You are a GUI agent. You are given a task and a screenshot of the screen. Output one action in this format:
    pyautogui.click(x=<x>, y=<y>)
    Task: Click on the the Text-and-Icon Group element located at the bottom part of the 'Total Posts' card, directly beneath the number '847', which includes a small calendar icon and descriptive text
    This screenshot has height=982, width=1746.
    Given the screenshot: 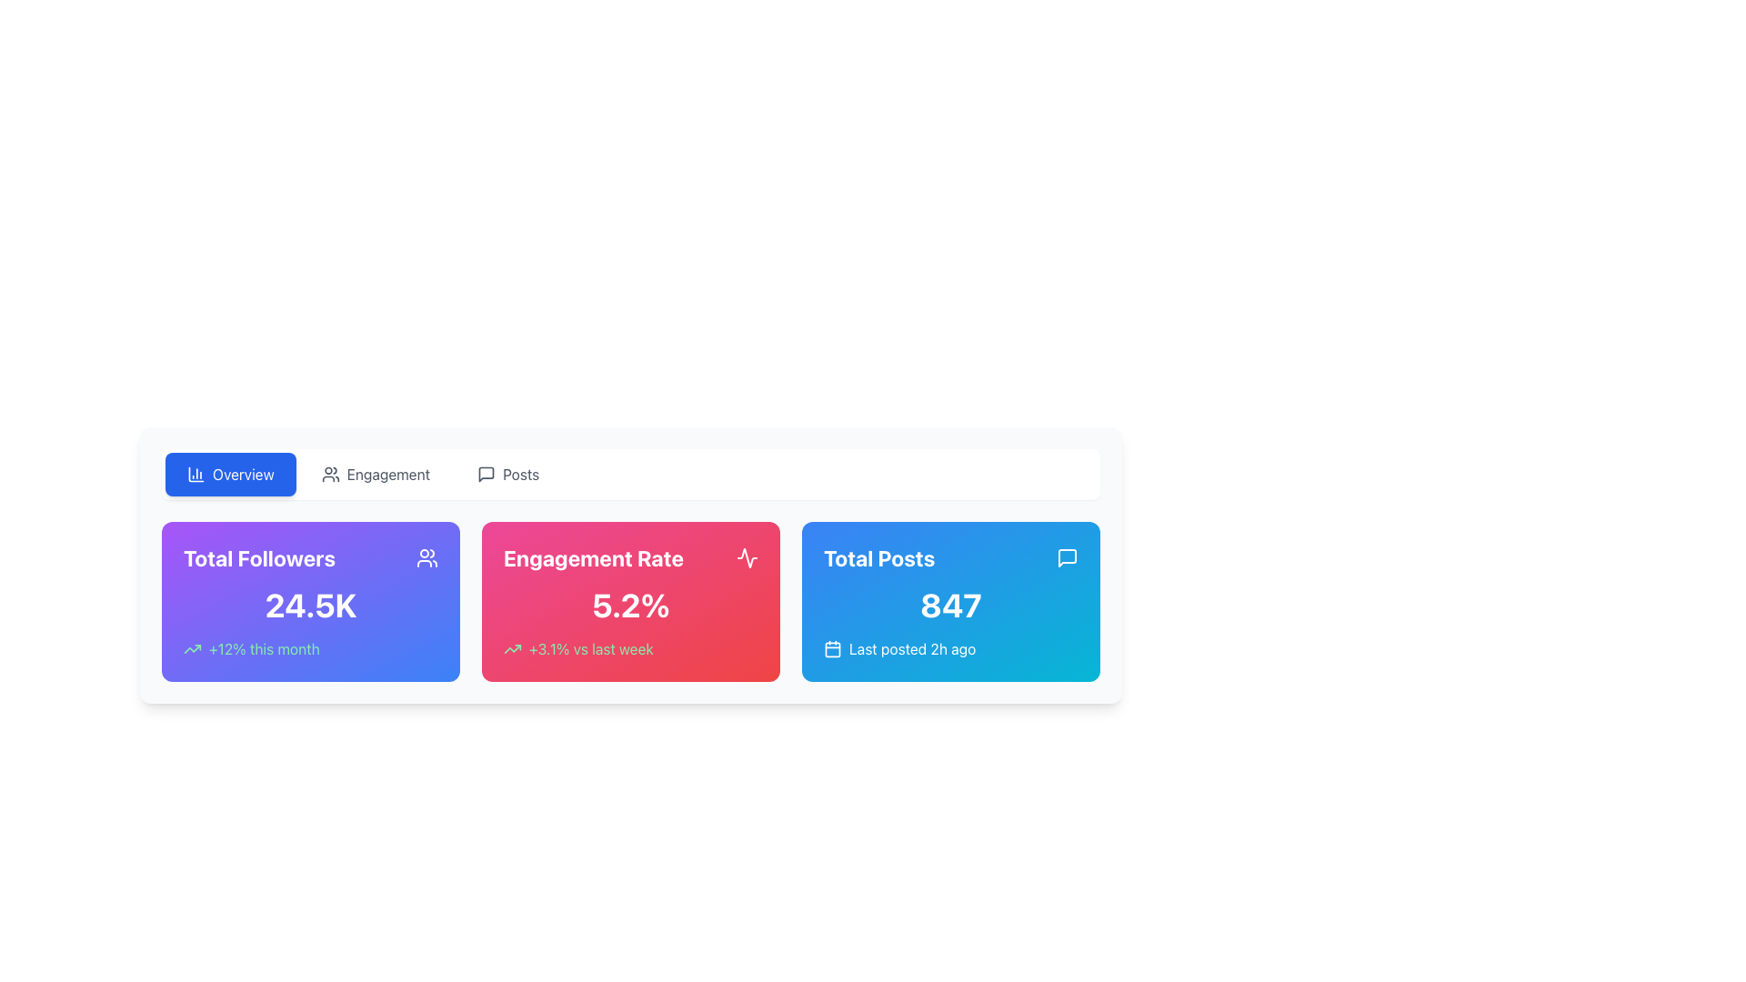 What is the action you would take?
    pyautogui.click(x=950, y=647)
    